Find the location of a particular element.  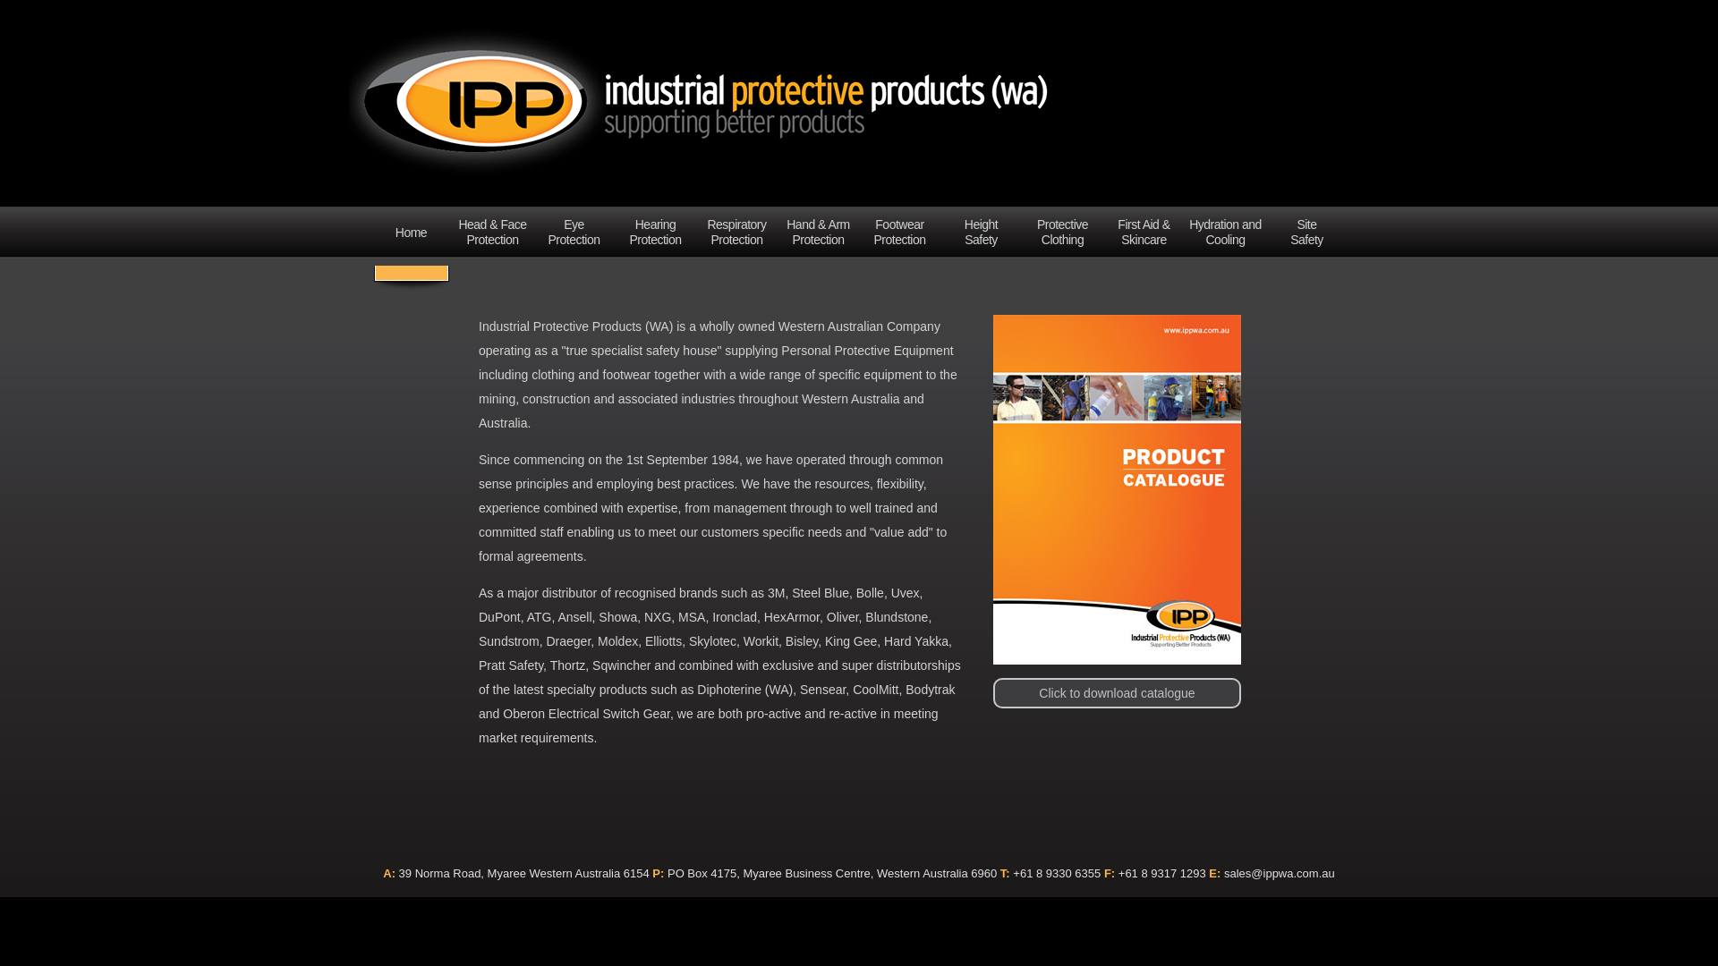

'First Aid & Skincare' is located at coordinates (1143, 231).